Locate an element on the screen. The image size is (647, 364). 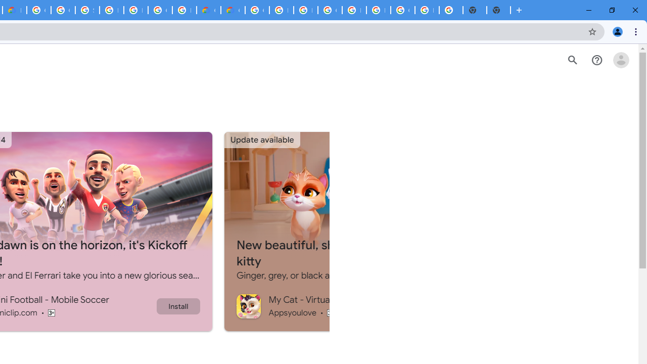
'Google Cloud Estimate Summary' is located at coordinates (232, 10).